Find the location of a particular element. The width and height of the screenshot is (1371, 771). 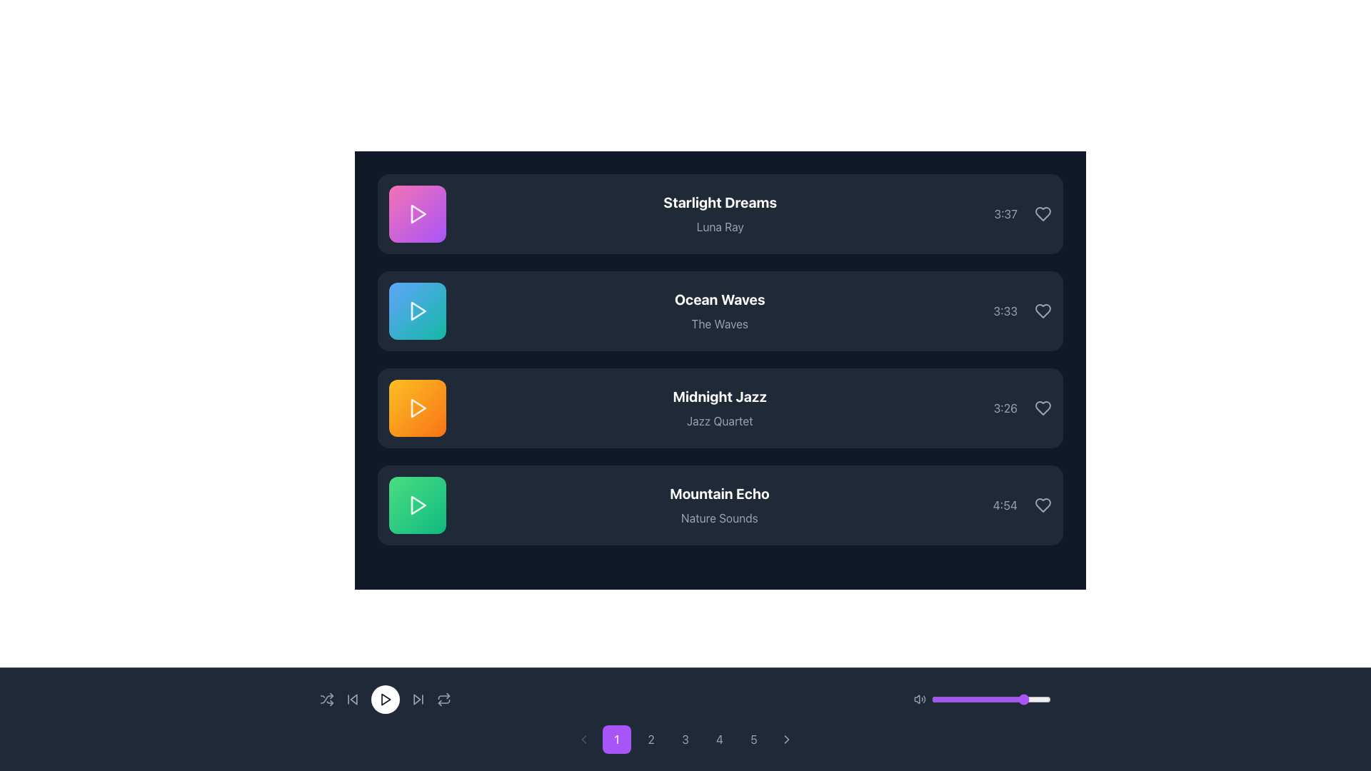

the favorite button located in the first row of the list next to the time '3:37' for the 'Starlight Dreams' entry to mark it as favorite is located at coordinates (1043, 214).